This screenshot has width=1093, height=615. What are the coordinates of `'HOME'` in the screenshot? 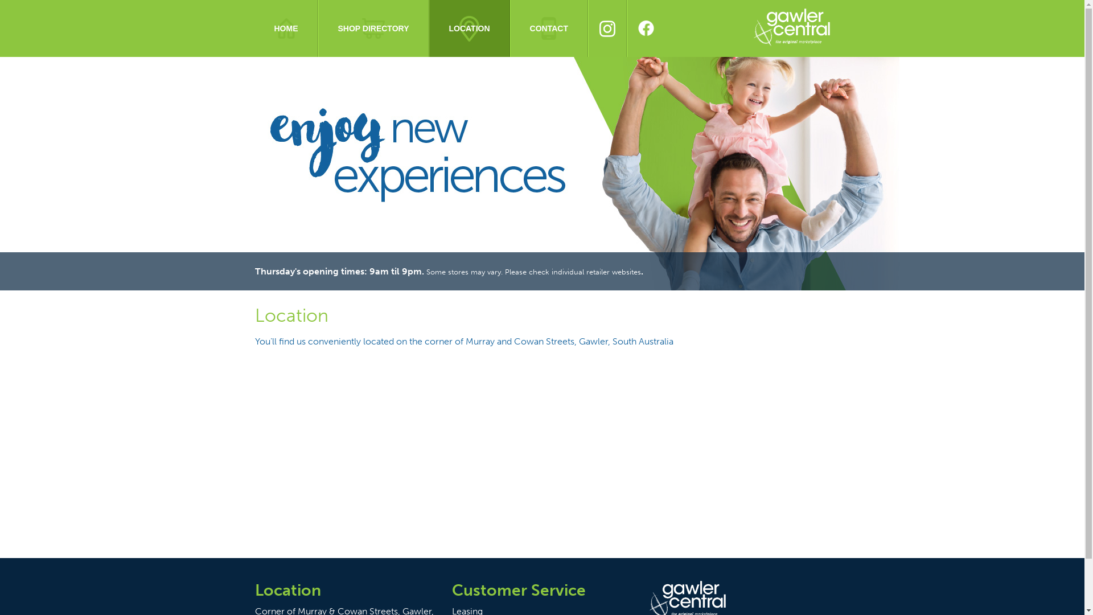 It's located at (286, 28).